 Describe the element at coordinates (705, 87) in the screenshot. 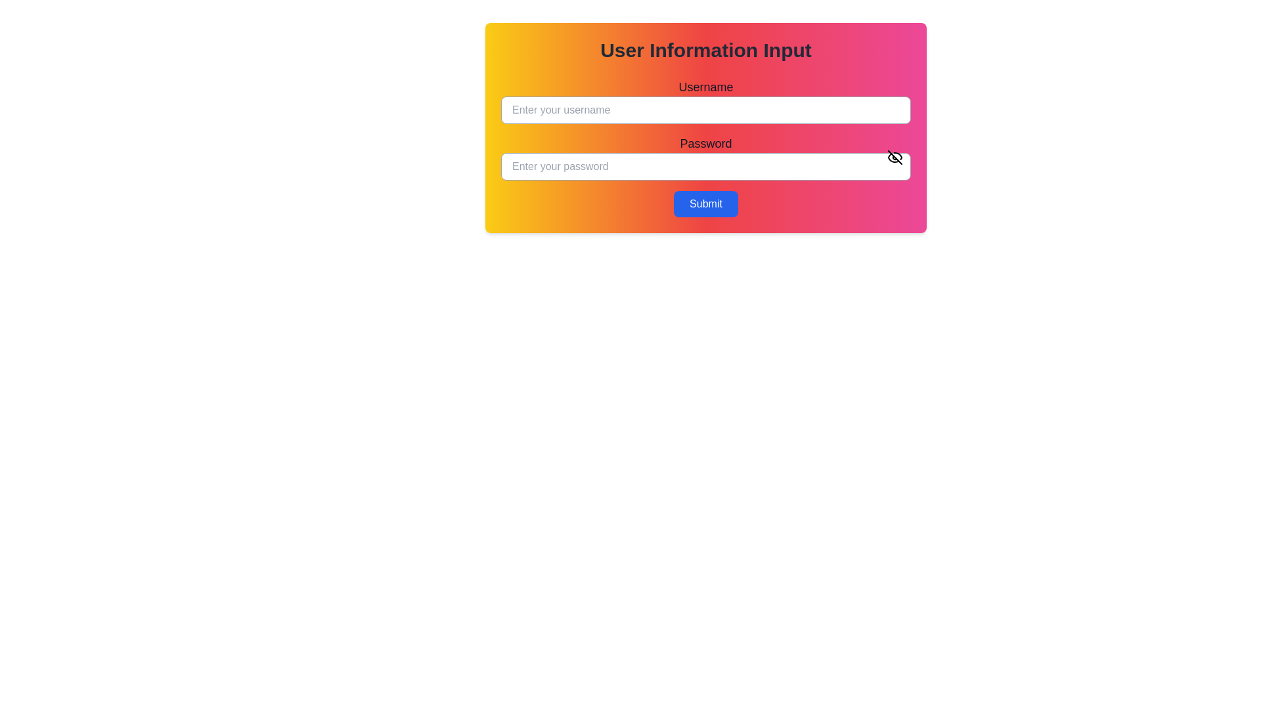

I see `the 'Username' text label element, which is displayed in bold, medium-sized dark gray font on a gradient background from orange to pink, positioned above the username input field` at that location.